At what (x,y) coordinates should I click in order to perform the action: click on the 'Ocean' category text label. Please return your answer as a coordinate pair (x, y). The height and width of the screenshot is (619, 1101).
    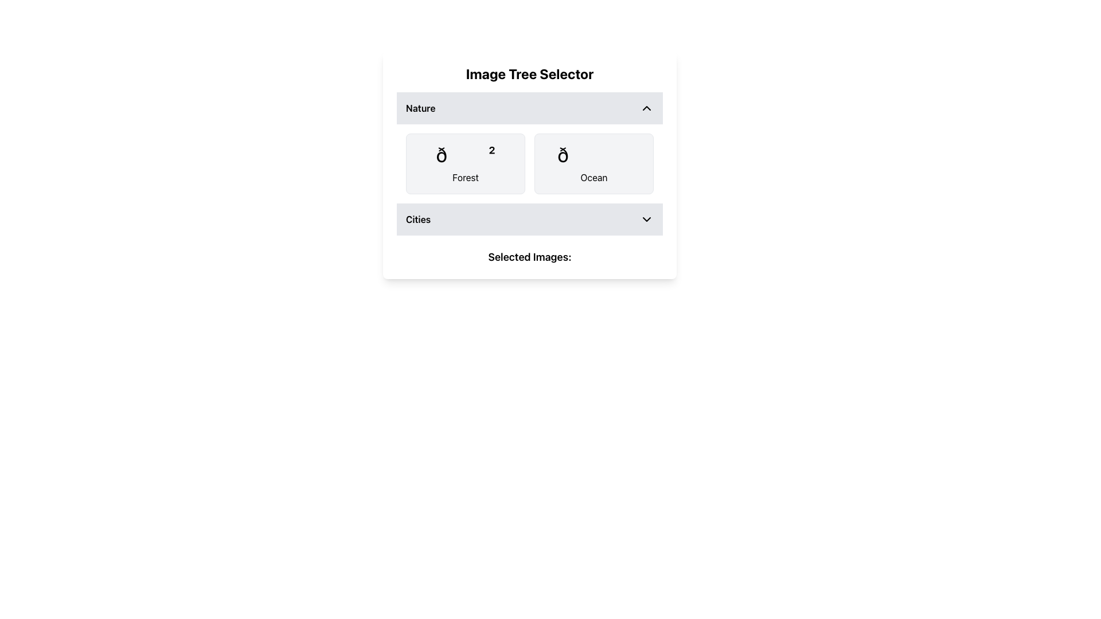
    Looking at the image, I should click on (594, 177).